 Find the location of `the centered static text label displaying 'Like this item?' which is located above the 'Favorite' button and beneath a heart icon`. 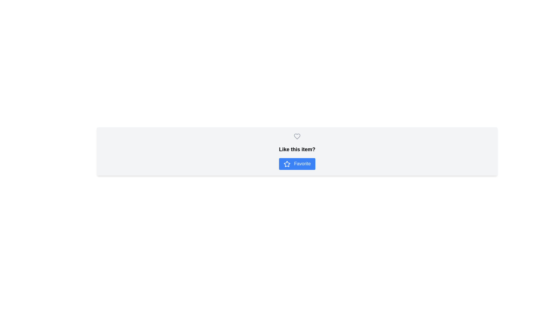

the centered static text label displaying 'Like this item?' which is located above the 'Favorite' button and beneath a heart icon is located at coordinates (297, 149).